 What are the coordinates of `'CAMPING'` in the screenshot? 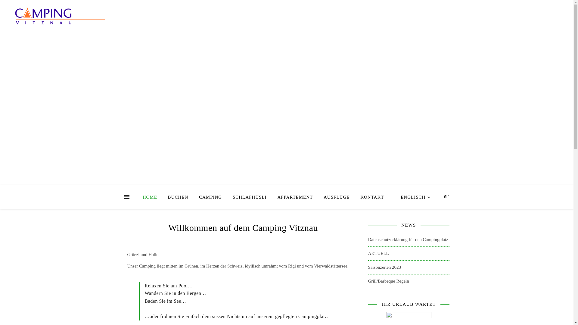 It's located at (210, 197).